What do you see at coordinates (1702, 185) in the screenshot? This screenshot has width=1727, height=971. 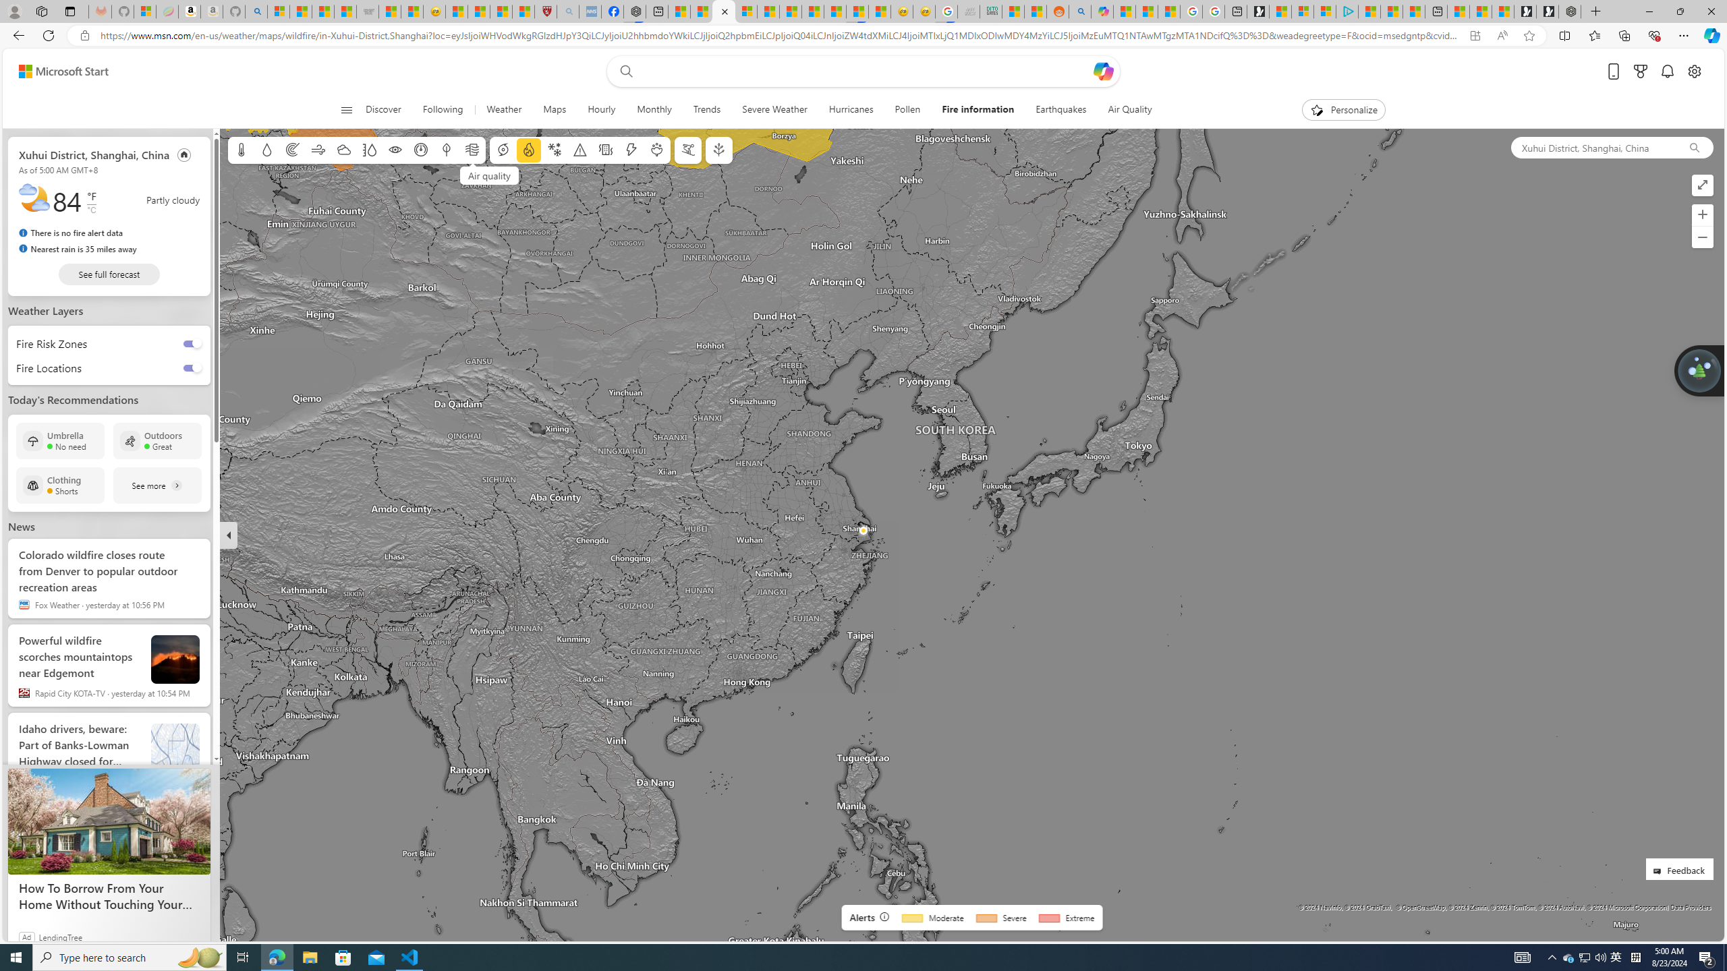 I see `'Enter full screen mode'` at bounding box center [1702, 185].